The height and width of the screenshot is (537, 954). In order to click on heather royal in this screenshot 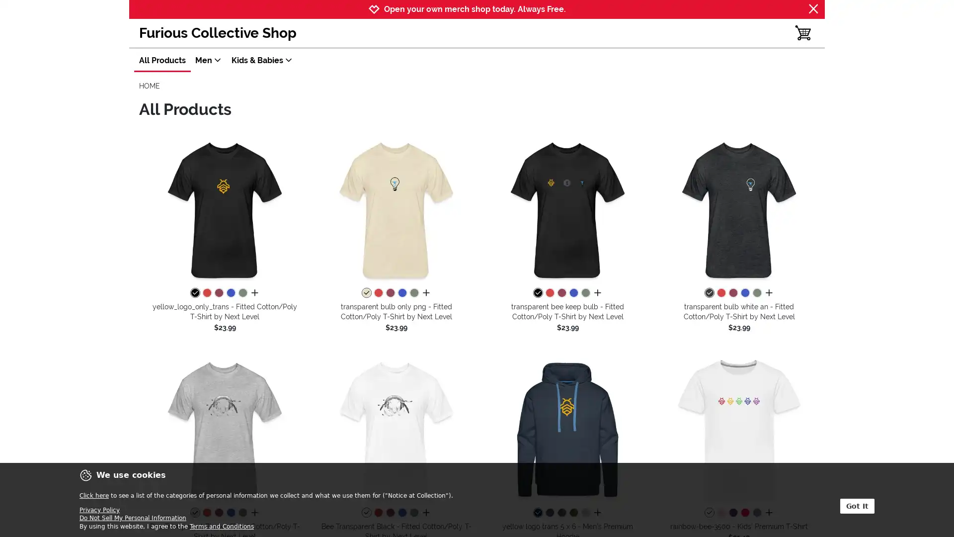, I will do `click(230, 513)`.